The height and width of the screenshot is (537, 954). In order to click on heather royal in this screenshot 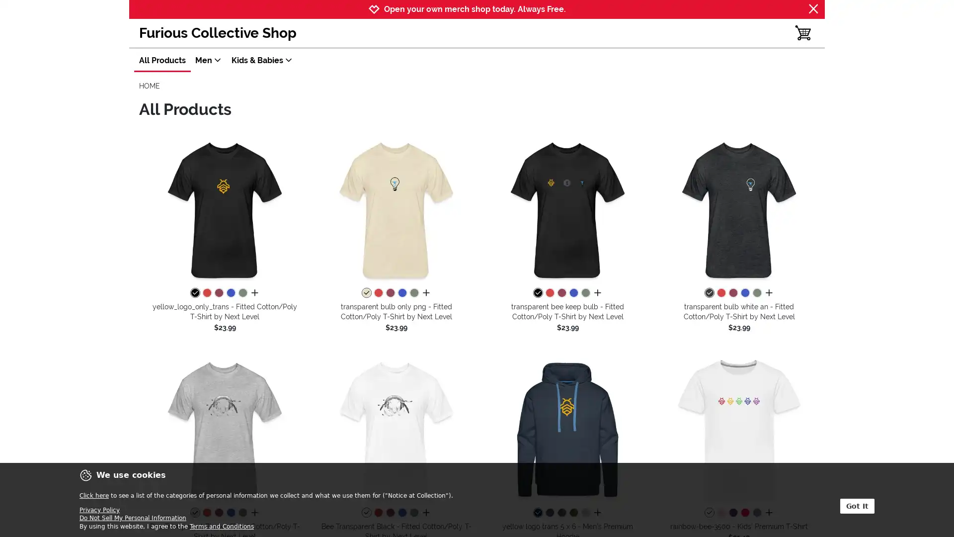, I will do `click(230, 513)`.